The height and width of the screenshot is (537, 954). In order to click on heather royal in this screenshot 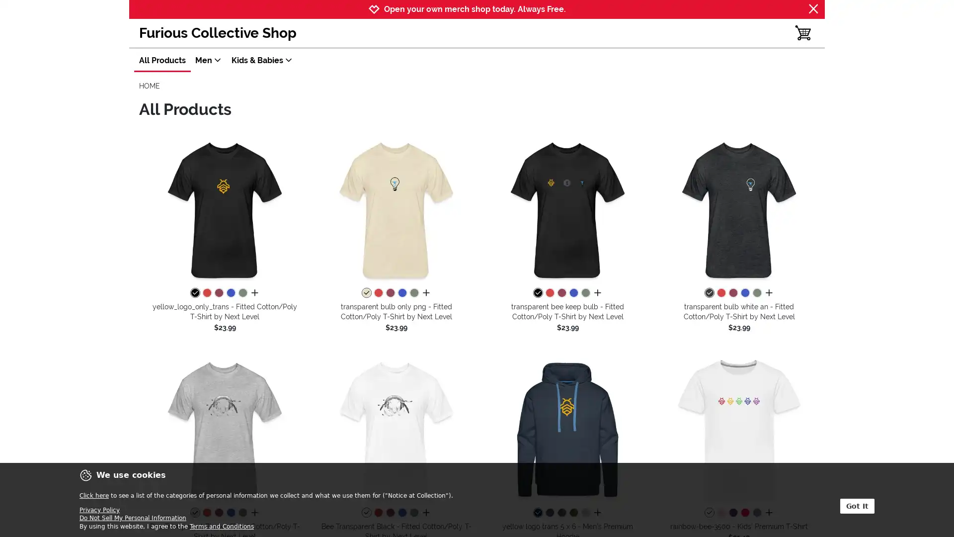, I will do `click(230, 513)`.